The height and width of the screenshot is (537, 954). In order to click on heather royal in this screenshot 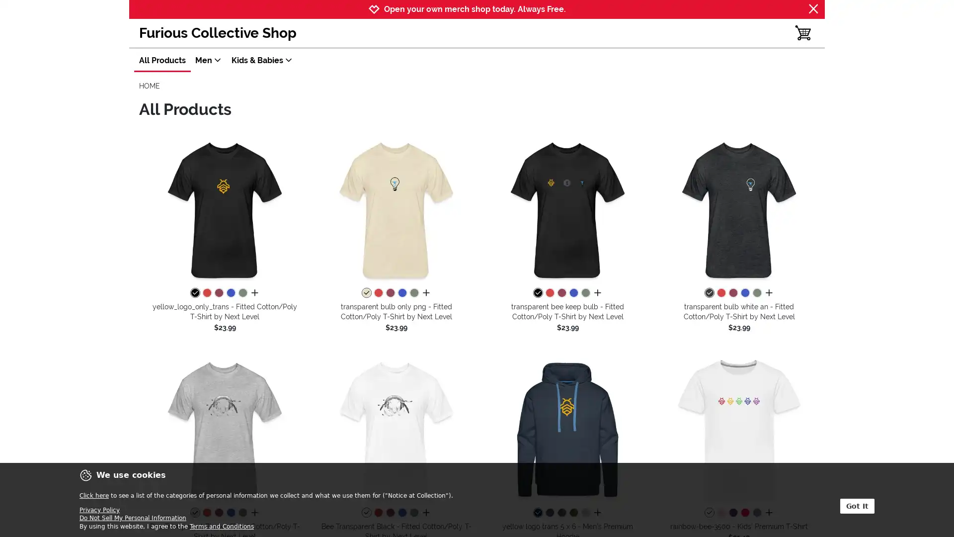, I will do `click(230, 513)`.